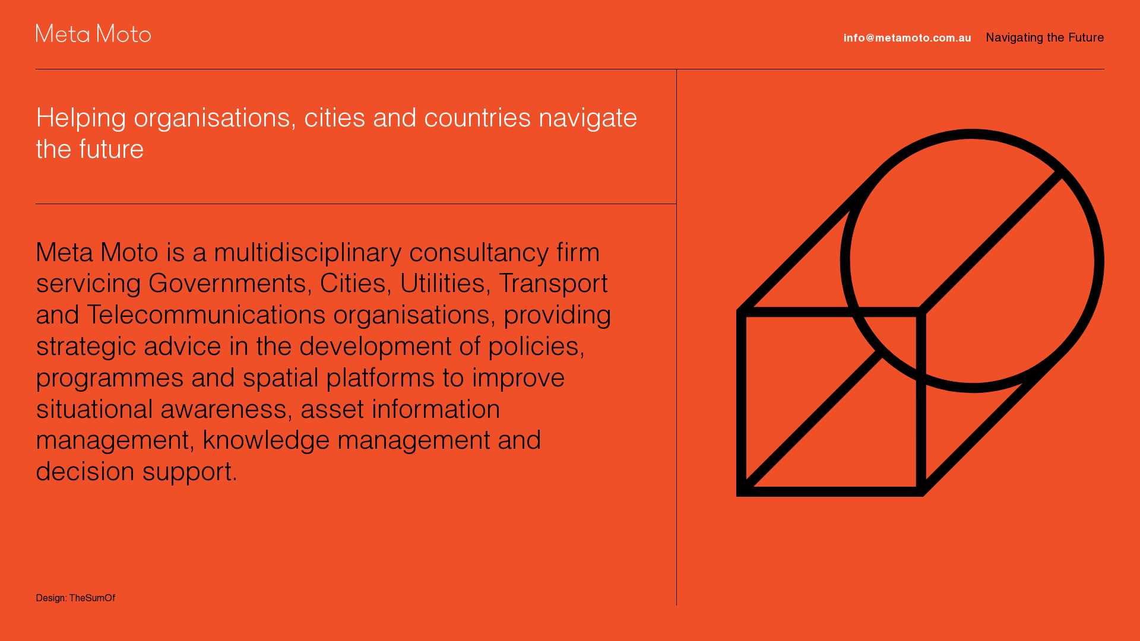 The height and width of the screenshot is (641, 1140). What do you see at coordinates (843, 38) in the screenshot?
I see `'info@metamoto.com.au'` at bounding box center [843, 38].